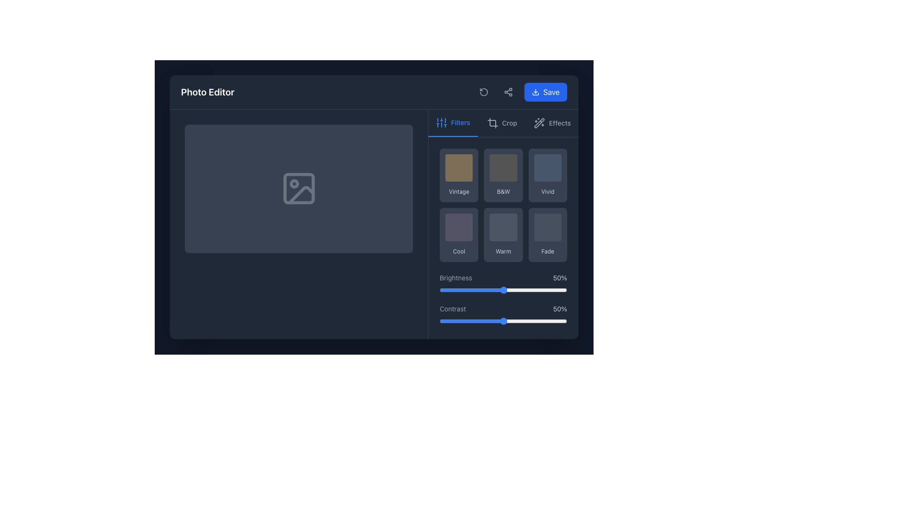  I want to click on value displayed in the text label showing '50%' in gray color, located to the right of the 'Contrast' label within the contrast adjustment section of the photo editor interface, so click(560, 309).